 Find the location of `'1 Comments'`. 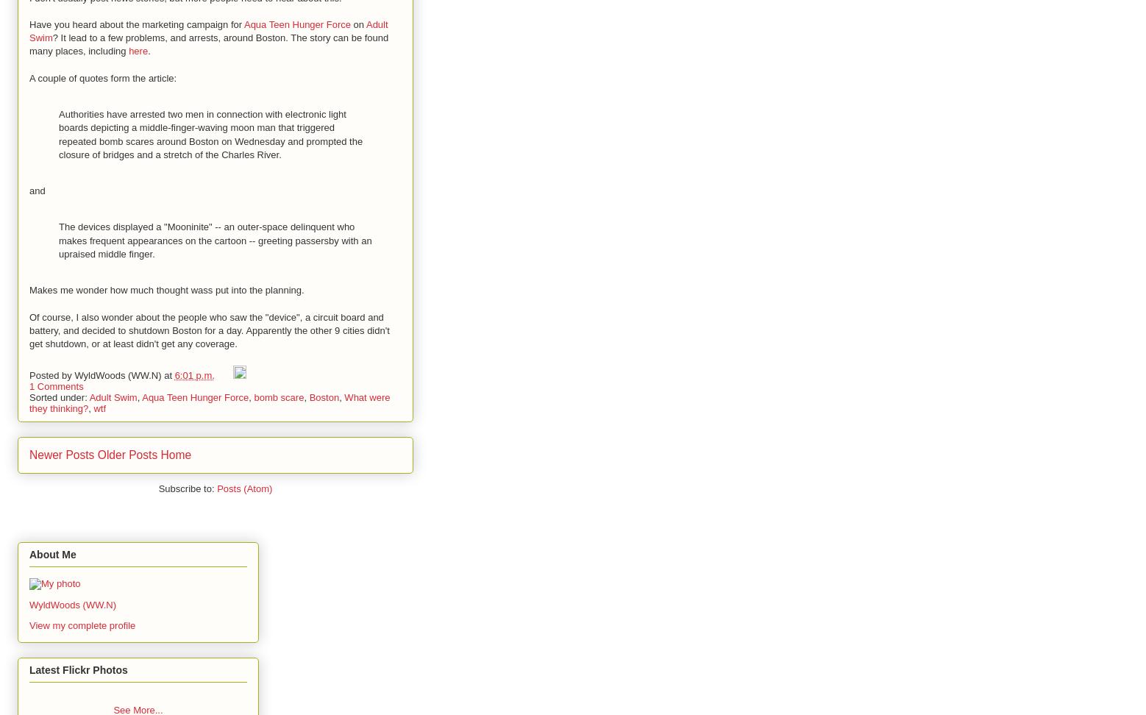

'1 Comments' is located at coordinates (56, 385).